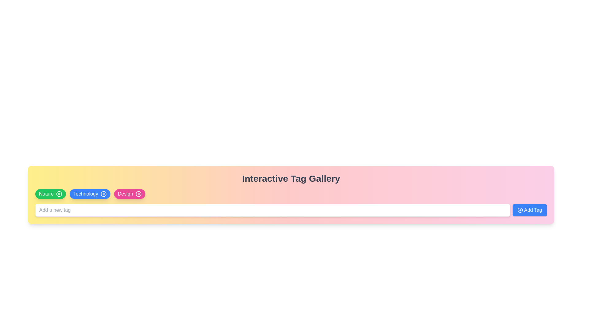 This screenshot has width=589, height=331. What do you see at coordinates (46, 194) in the screenshot?
I see `the 'Nature' tag label within the styled tag component in the Interactive Tag Gallery section` at bounding box center [46, 194].